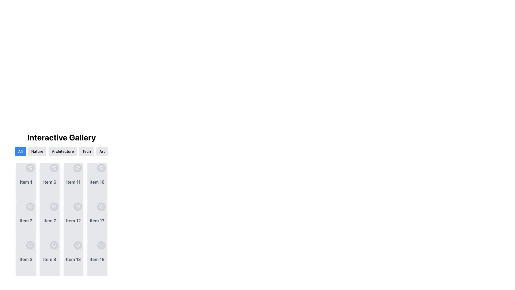 This screenshot has height=290, width=515. What do you see at coordinates (26, 182) in the screenshot?
I see `the rectangular card labeled 'Item 1' with a heart-shaped icon in the top right corner, located in the first column and first row of the Interactive Gallery` at bounding box center [26, 182].